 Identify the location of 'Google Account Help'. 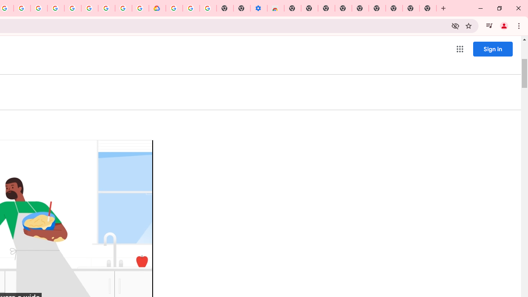
(191, 8).